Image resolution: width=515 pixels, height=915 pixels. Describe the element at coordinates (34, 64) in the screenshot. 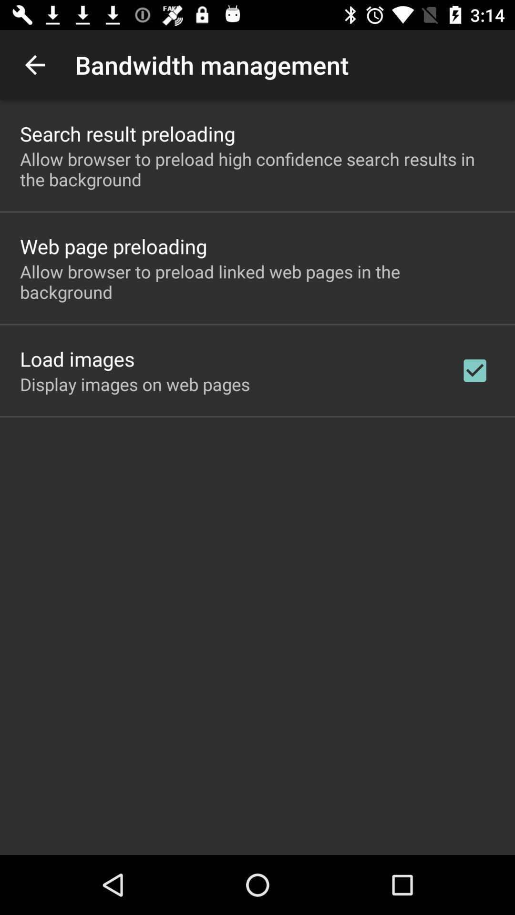

I see `item next to bandwidth management item` at that location.